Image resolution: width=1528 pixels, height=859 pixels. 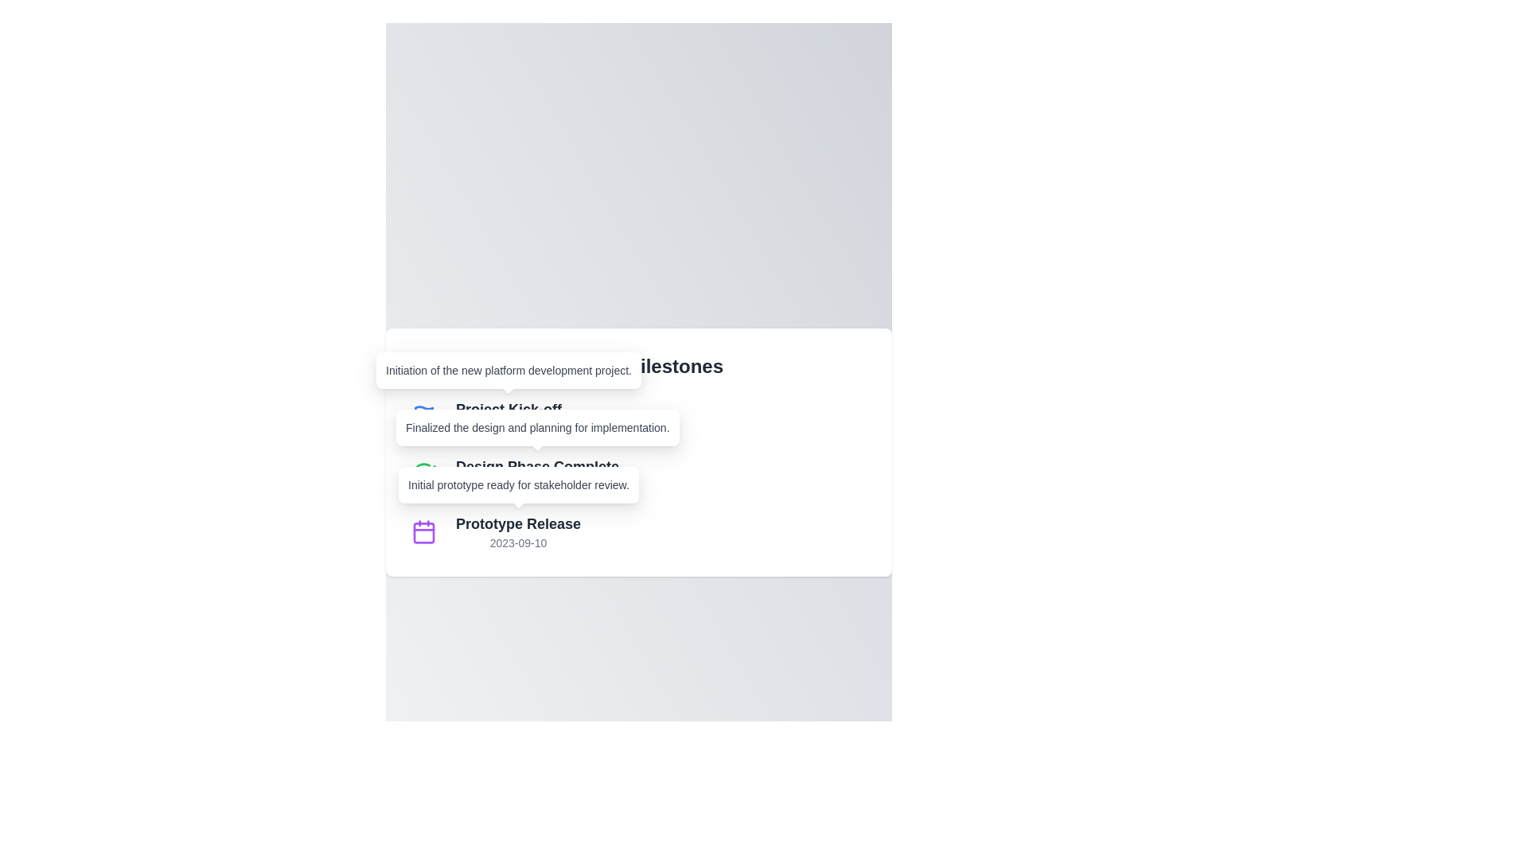 What do you see at coordinates (423, 413) in the screenshot?
I see `the SVG flag icon representing the completion milestone for the 'Project Kick-off' list item` at bounding box center [423, 413].